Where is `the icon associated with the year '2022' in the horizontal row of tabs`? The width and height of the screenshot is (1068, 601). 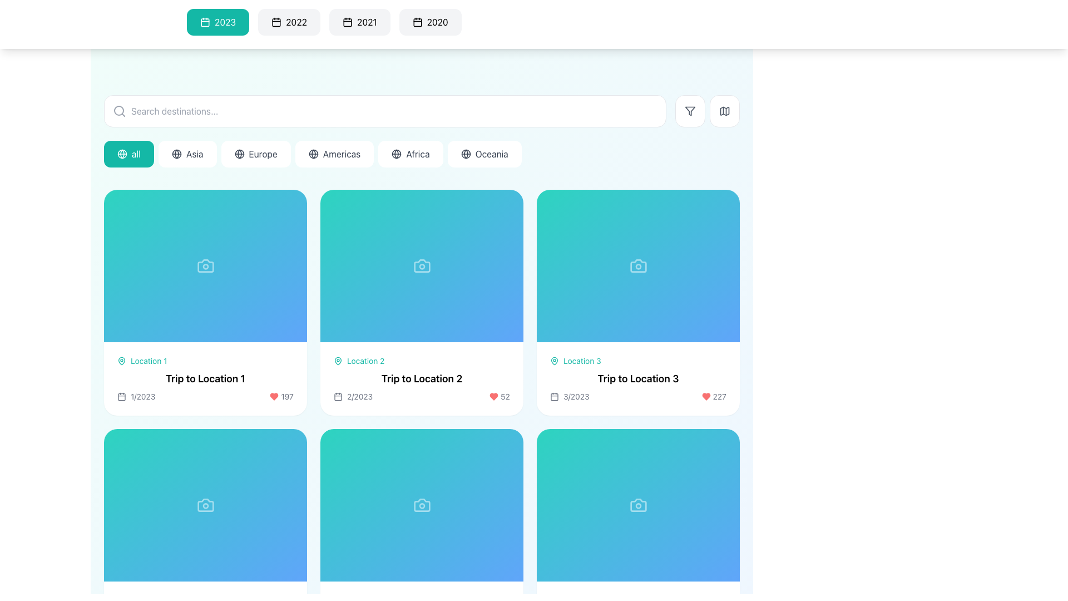 the icon associated with the year '2022' in the horizontal row of tabs is located at coordinates (276, 22).